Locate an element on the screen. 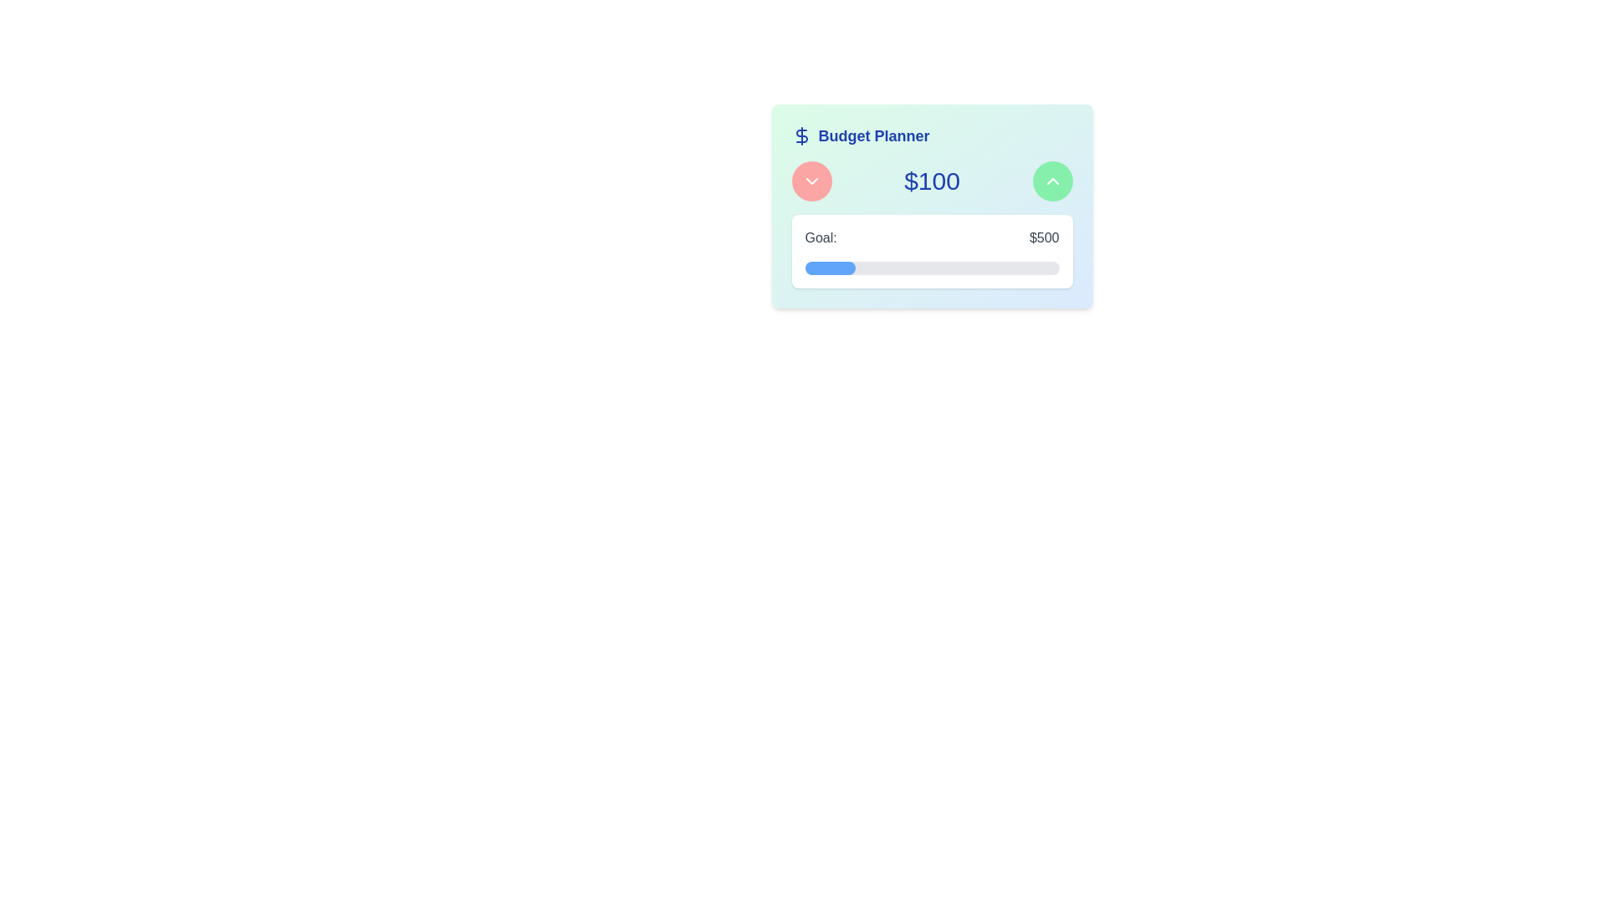 The width and height of the screenshot is (1606, 903). the financial icon located at the leftmost side of the header section of the budget planner card is located at coordinates (800, 135).